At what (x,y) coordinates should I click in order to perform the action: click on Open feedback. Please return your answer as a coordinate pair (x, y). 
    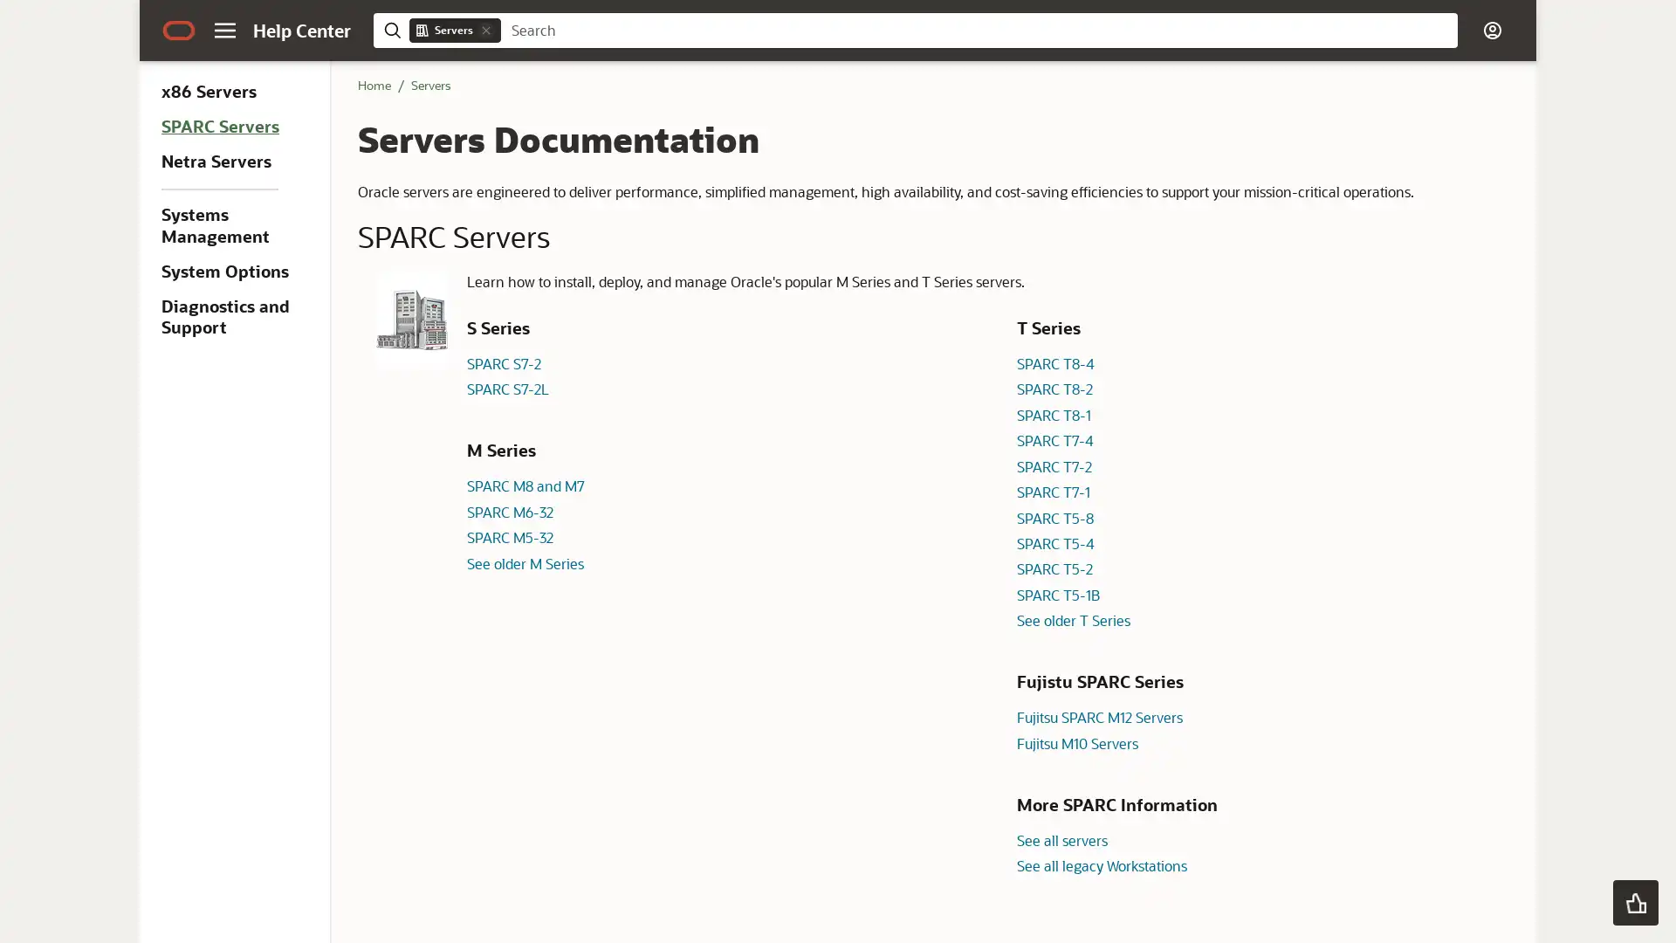
    Looking at the image, I should click on (1634, 902).